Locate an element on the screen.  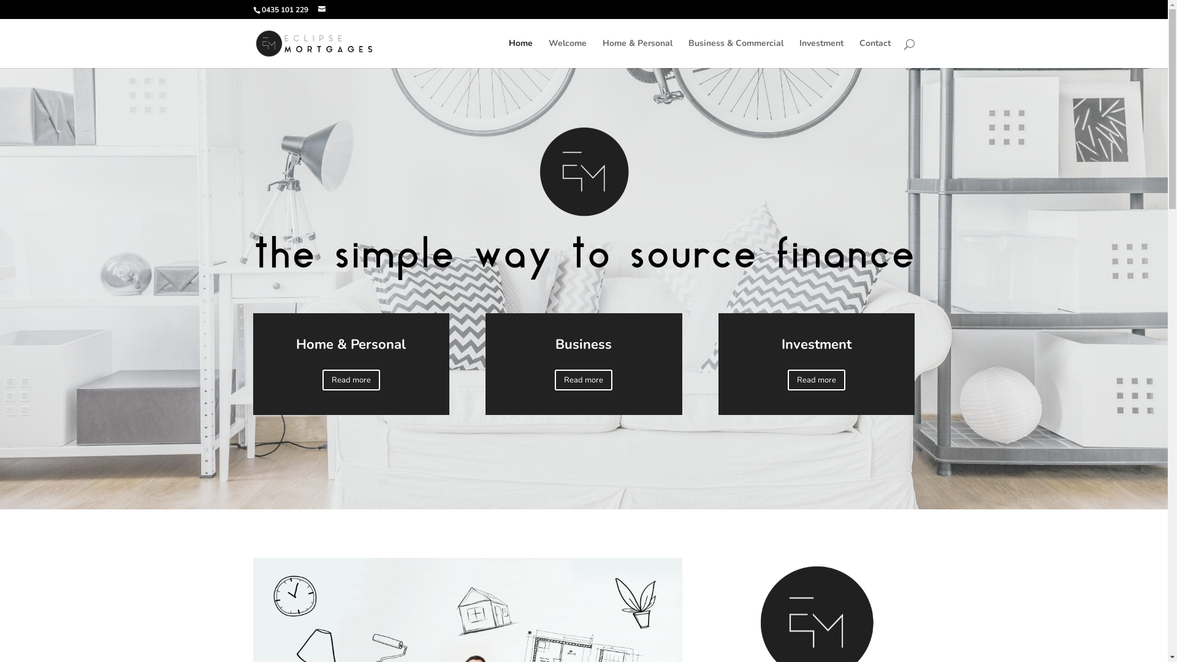
'Business & Commercial' is located at coordinates (735, 53).